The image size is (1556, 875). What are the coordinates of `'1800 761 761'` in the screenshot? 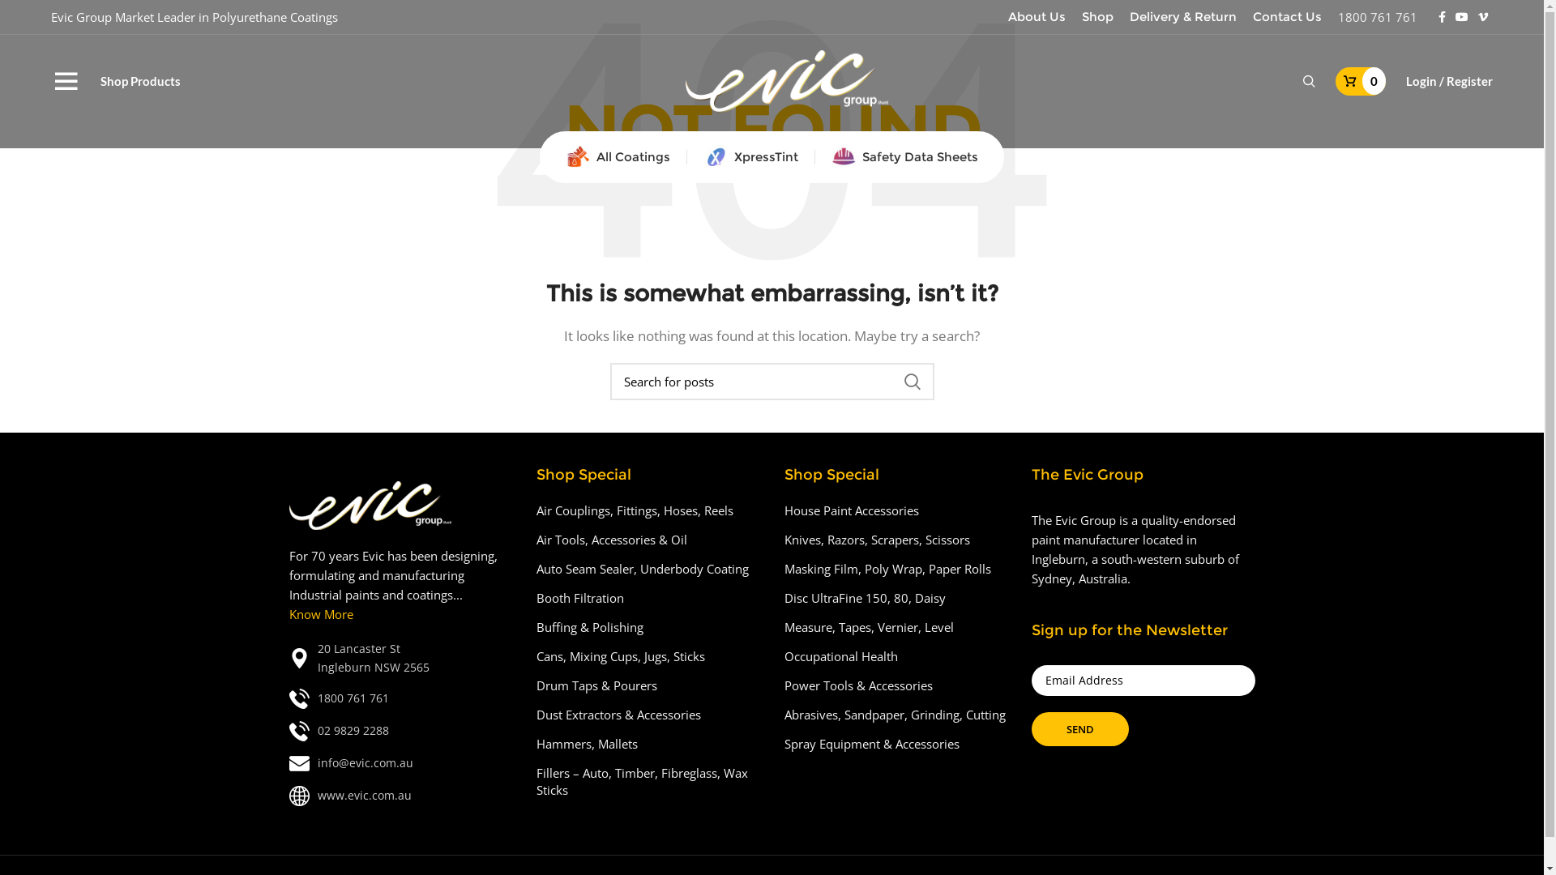 It's located at (1376, 16).